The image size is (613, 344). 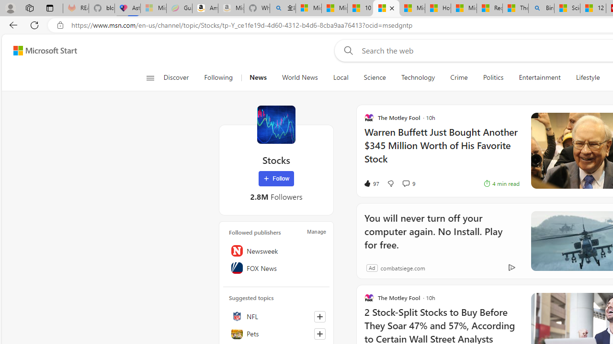 What do you see at coordinates (587, 77) in the screenshot?
I see `'Lifestyle'` at bounding box center [587, 77].